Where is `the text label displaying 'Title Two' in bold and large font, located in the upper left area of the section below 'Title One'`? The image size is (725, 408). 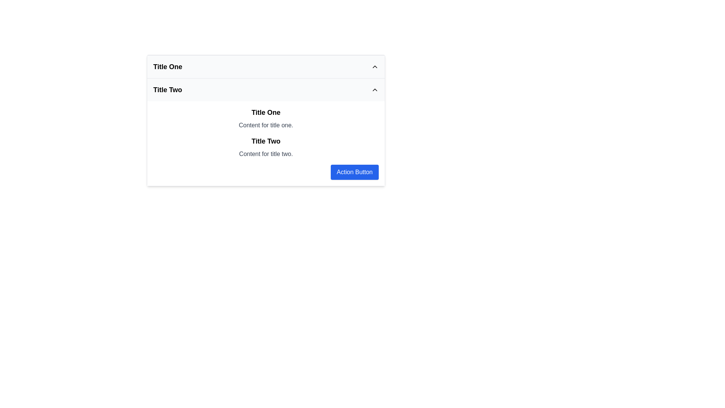 the text label displaying 'Title Two' in bold and large font, located in the upper left area of the section below 'Title One' is located at coordinates (167, 90).